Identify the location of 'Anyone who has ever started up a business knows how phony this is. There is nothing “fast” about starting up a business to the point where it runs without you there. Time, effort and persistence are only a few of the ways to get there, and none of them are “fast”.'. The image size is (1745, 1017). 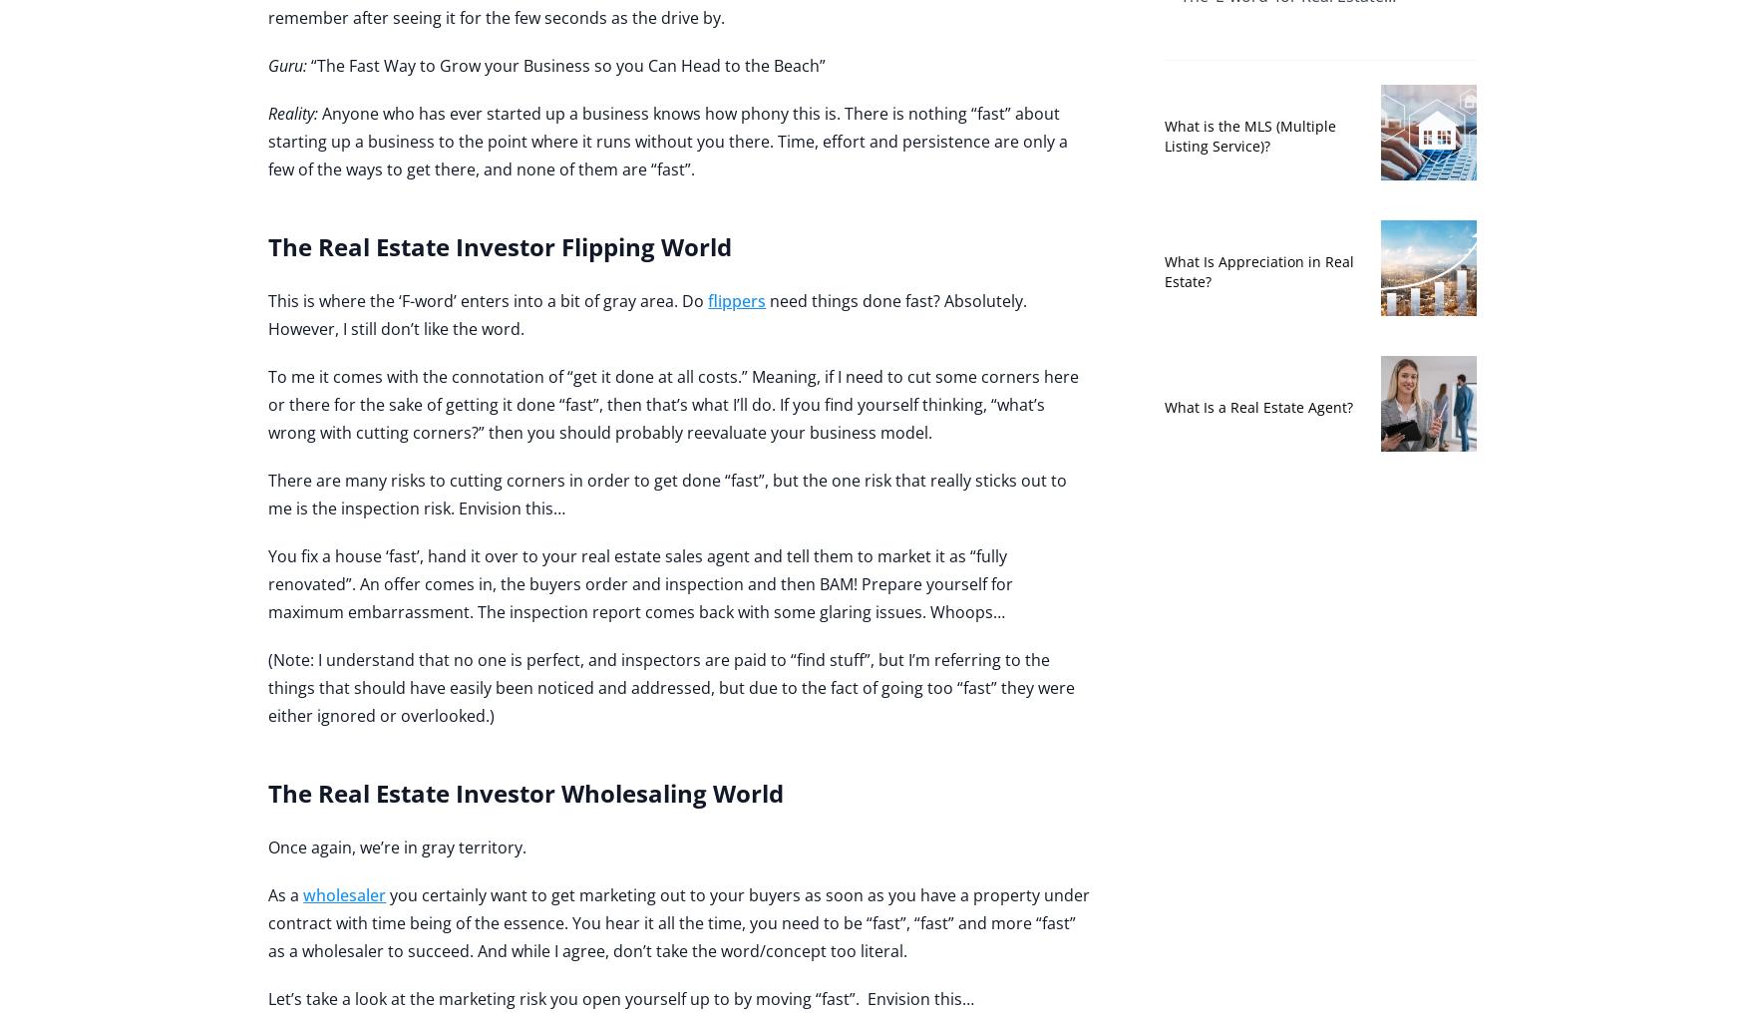
(266, 141).